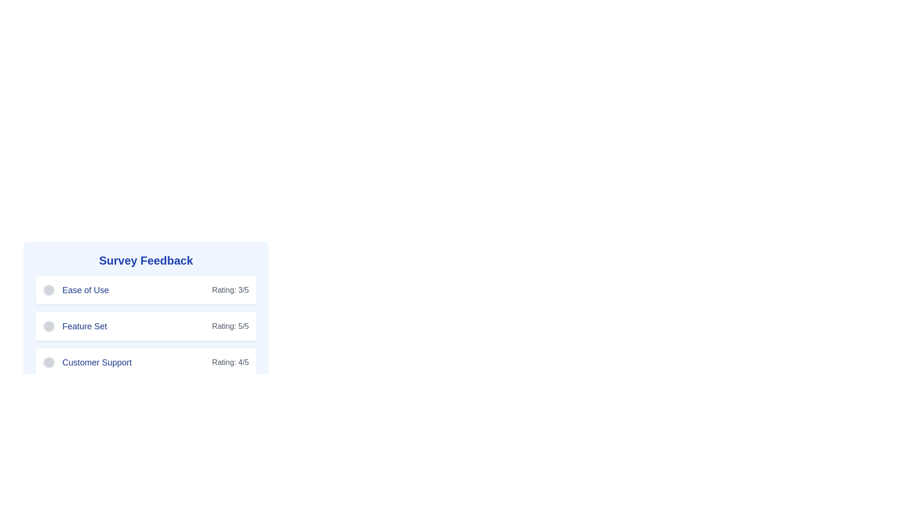 Image resolution: width=914 pixels, height=514 pixels. I want to click on the third Text Label in the 'Survey Feedback' section, which is positioned below 'Ease of Use' and 'Feature Set', and adjacent to a small circular icon on the left, so click(97, 363).